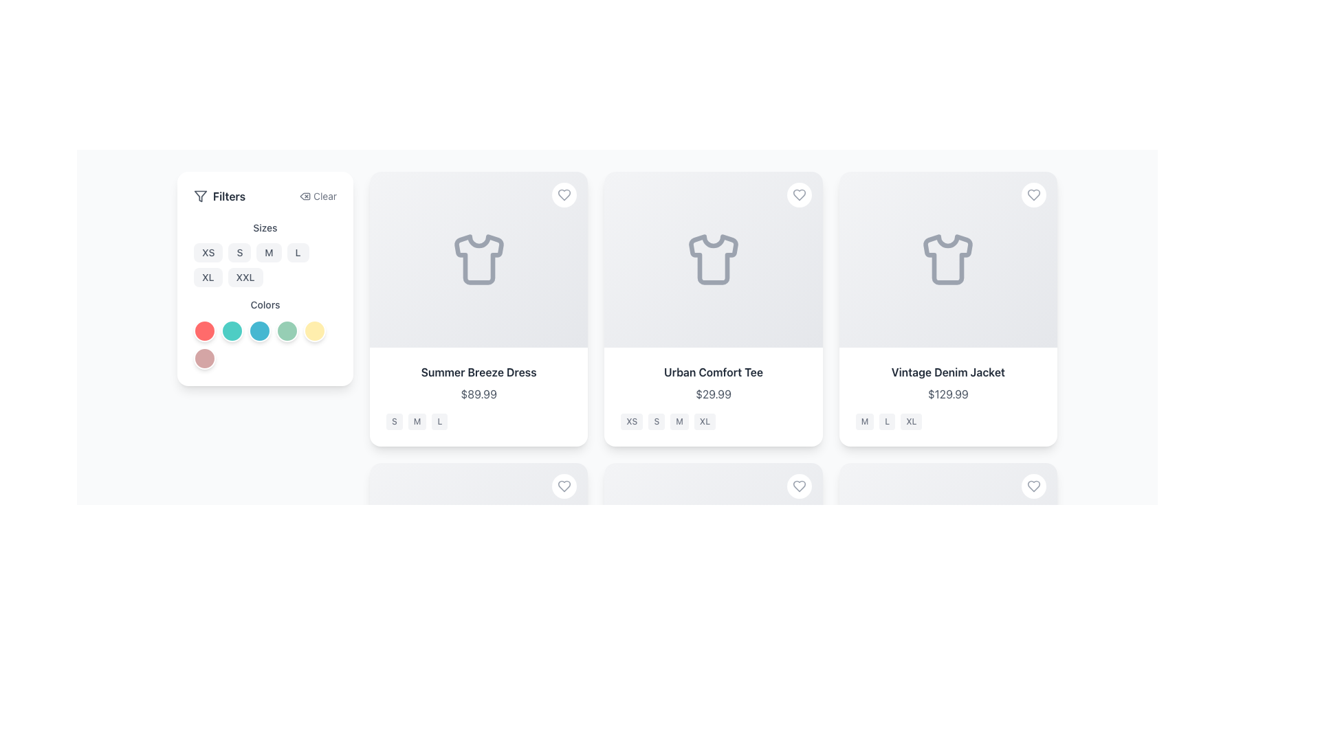  Describe the element at coordinates (265, 254) in the screenshot. I see `the 'M' size button located in the second row of the size options within the 'Sizes' filter section` at that location.